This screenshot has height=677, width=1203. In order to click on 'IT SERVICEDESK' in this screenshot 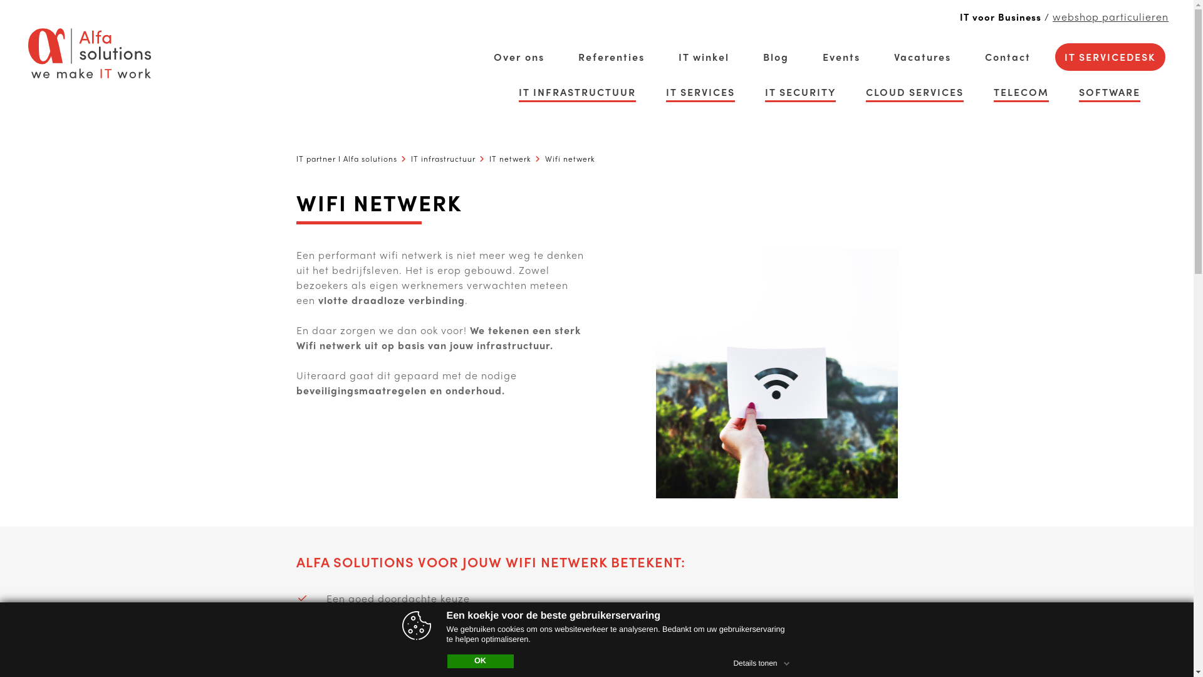, I will do `click(1110, 57)`.